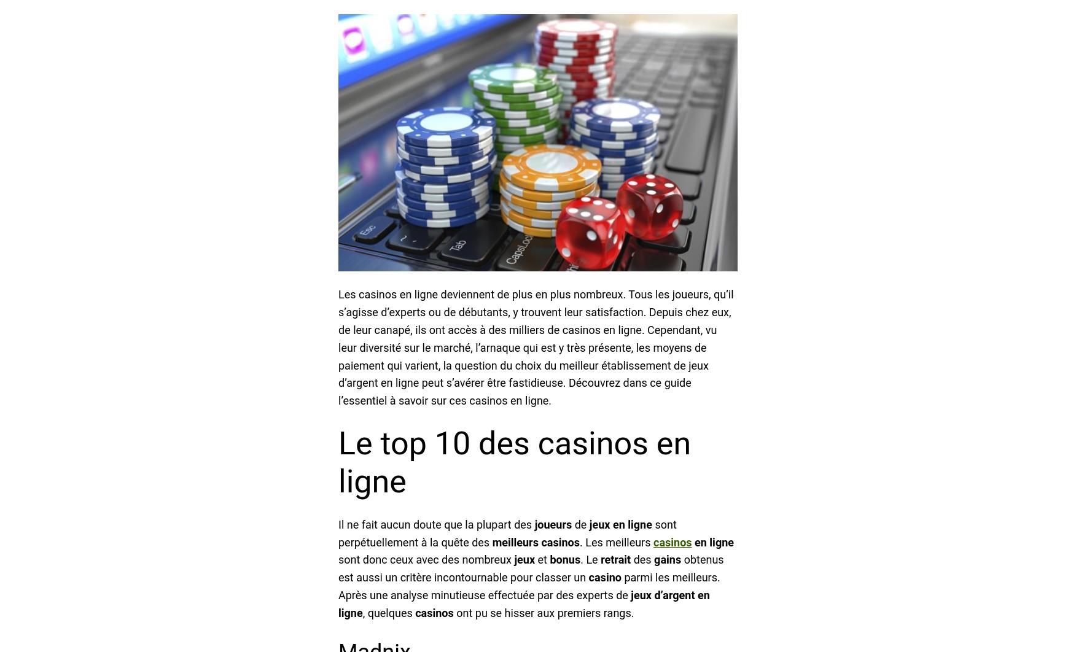 This screenshot has width=1076, height=652. Describe the element at coordinates (492, 541) in the screenshot. I see `'meilleurs'` at that location.